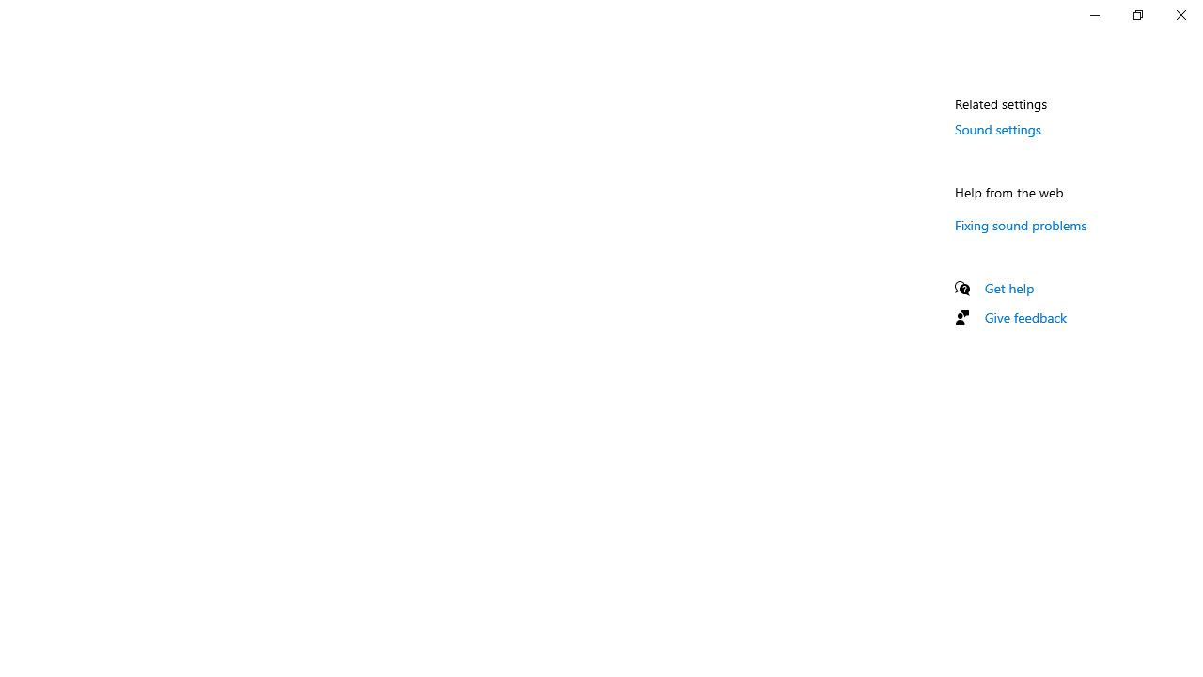 The width and height of the screenshot is (1203, 677). I want to click on 'Close Settings', so click(1180, 14).